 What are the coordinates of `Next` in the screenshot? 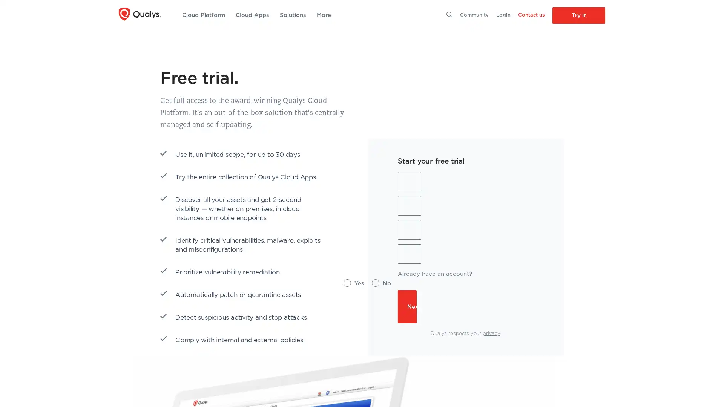 It's located at (407, 306).